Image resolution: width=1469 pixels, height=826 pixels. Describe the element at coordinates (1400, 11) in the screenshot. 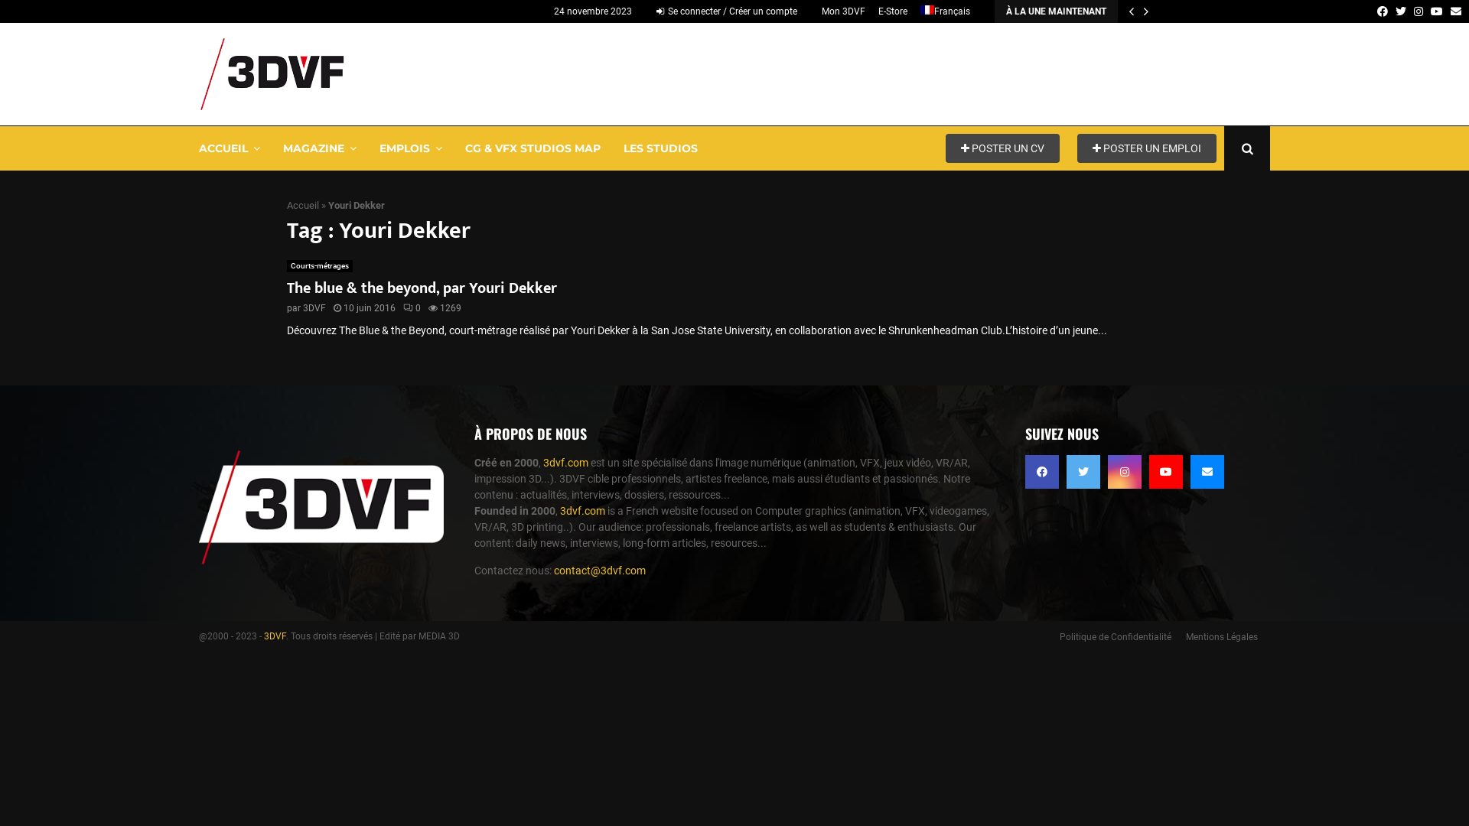

I see `'Twitter'` at that location.